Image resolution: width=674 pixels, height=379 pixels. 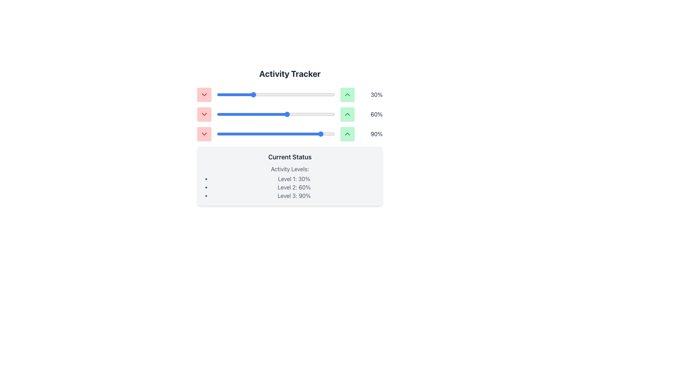 I want to click on text label stating 'Activity Levels:' which is styled in gray color and located within the 'Current Status' section, positioned directly beneath the section header and above the bulleted list, so click(x=290, y=169).